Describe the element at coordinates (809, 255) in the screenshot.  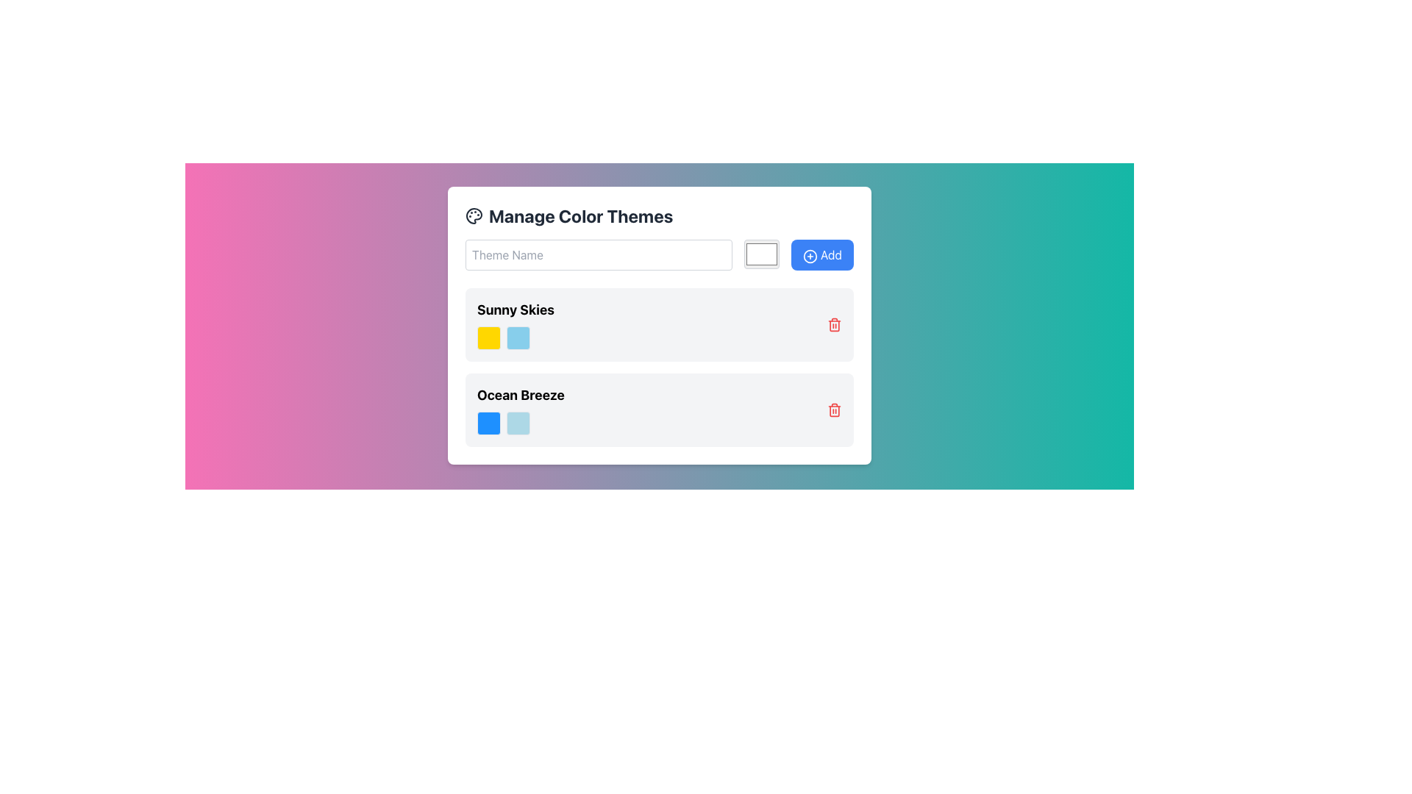
I see `the circular '+' icon element located within the 'Add' button, which is positioned to the right of the input field` at that location.